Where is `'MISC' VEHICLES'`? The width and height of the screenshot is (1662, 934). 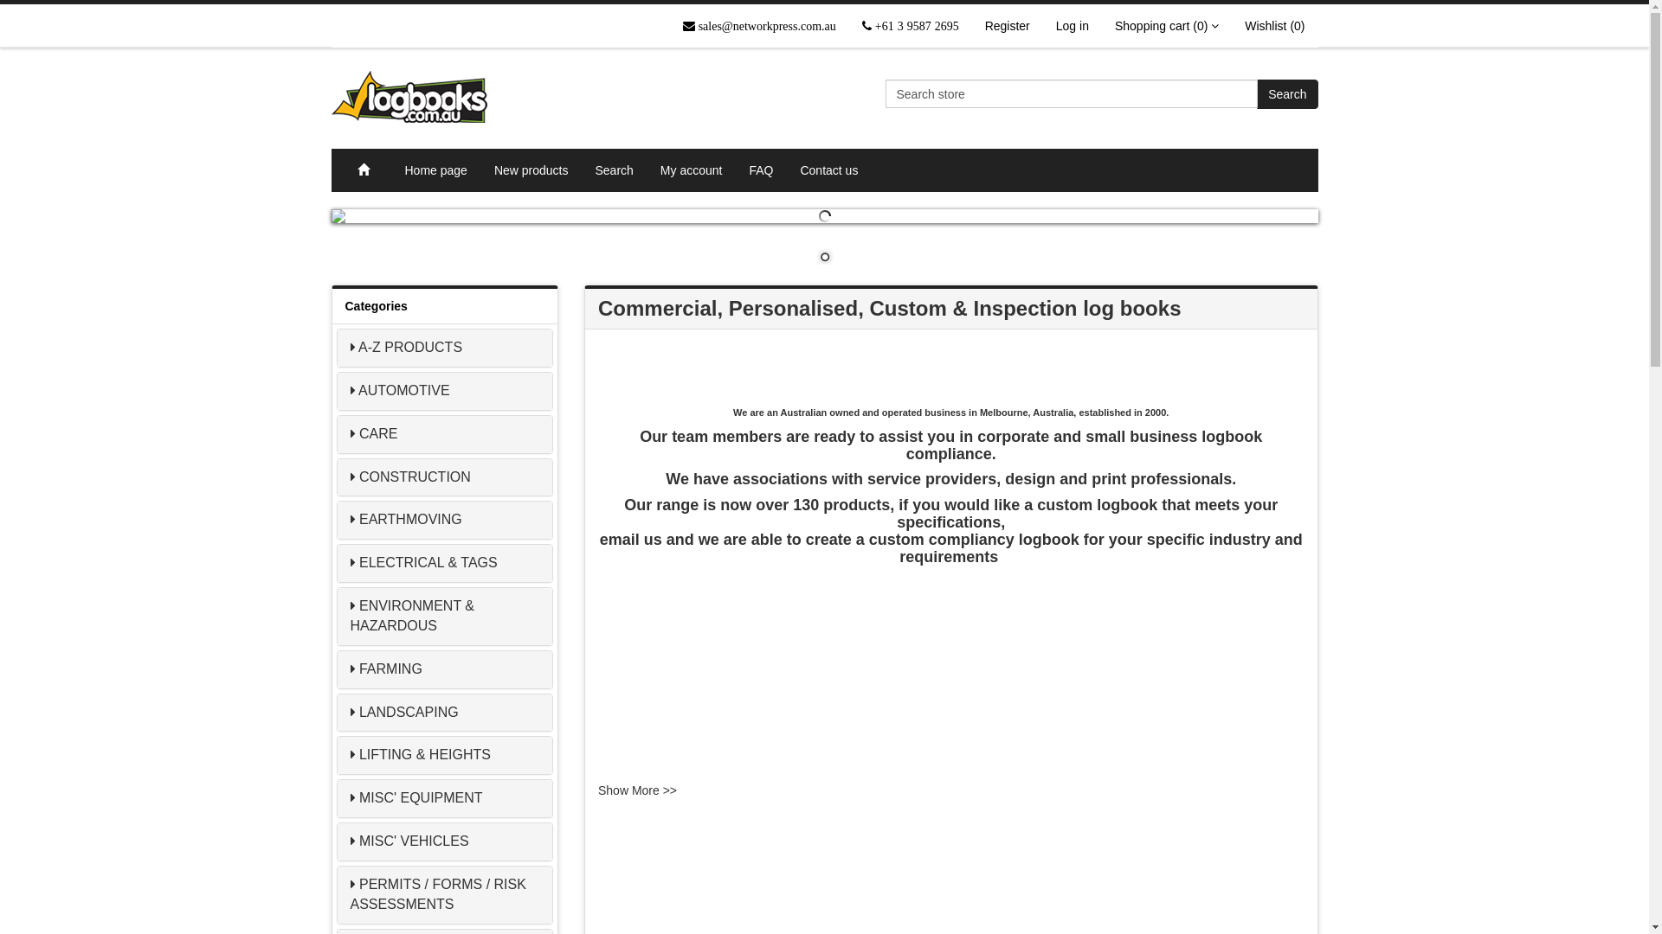
'MISC' VEHICLES' is located at coordinates (358, 840).